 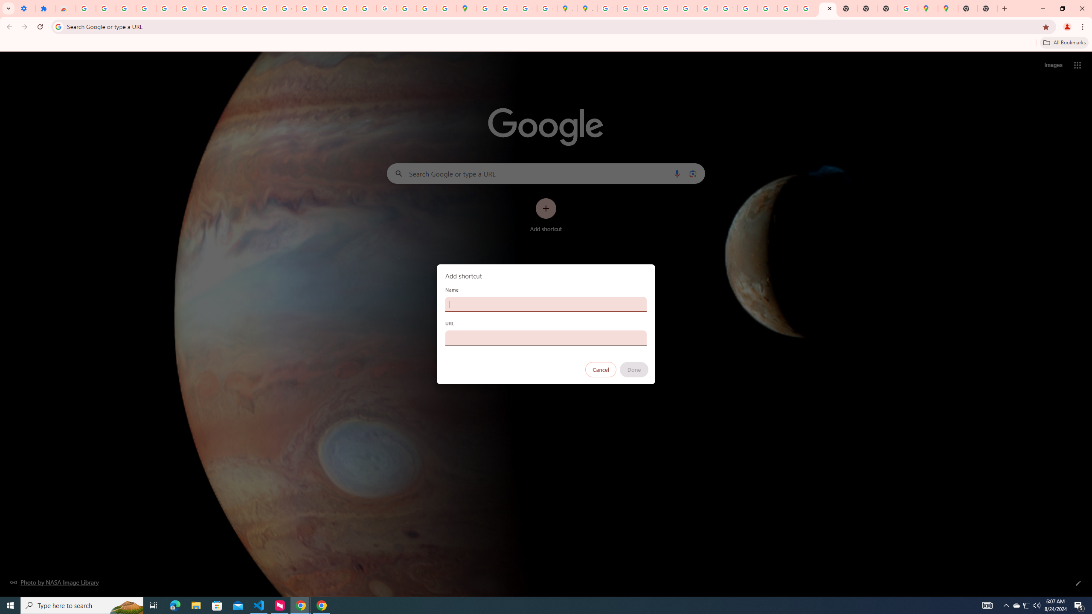 I want to click on 'https://scholar.google.com/', so click(x=266, y=8).